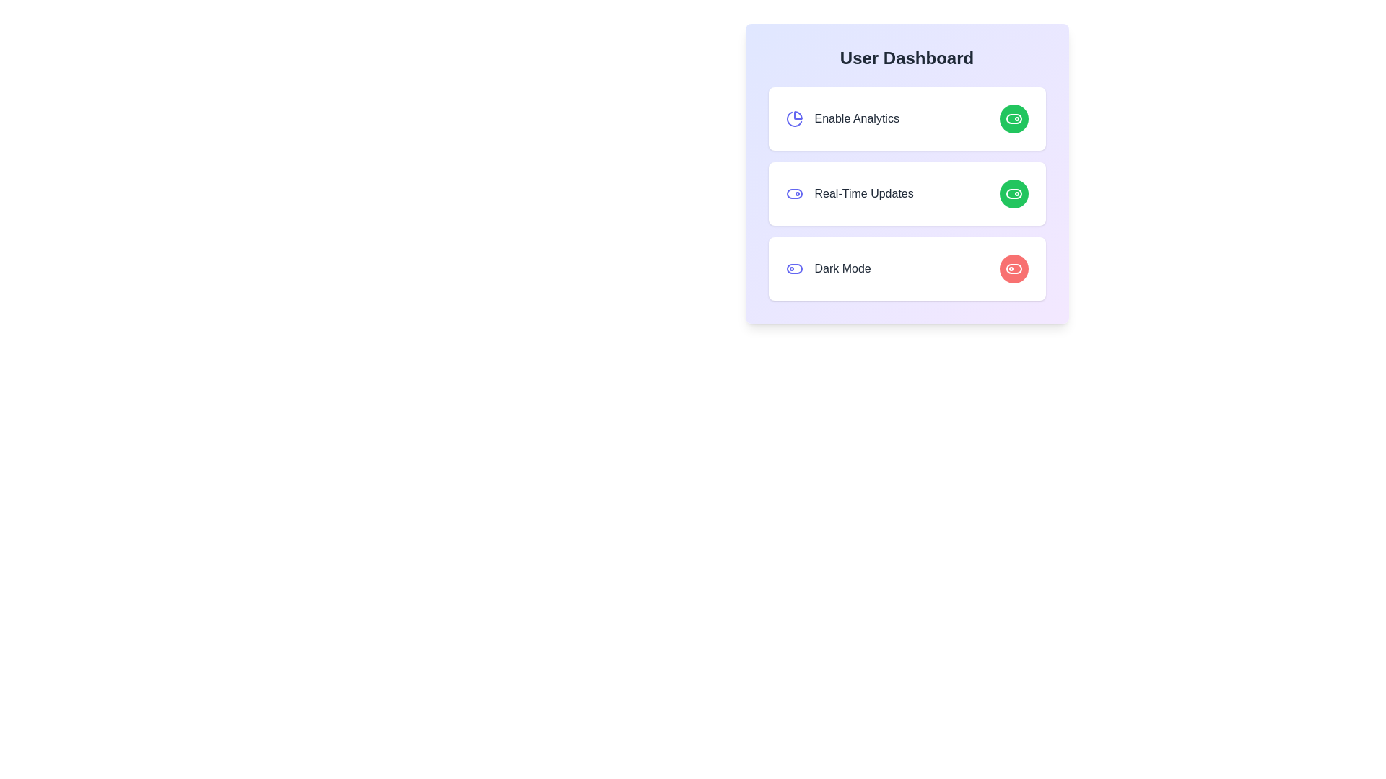  What do you see at coordinates (1013, 193) in the screenshot?
I see `the decorative green rectangle background of the second toggle switch for 'Real-Time Updates' in the User Dashboard interface` at bounding box center [1013, 193].